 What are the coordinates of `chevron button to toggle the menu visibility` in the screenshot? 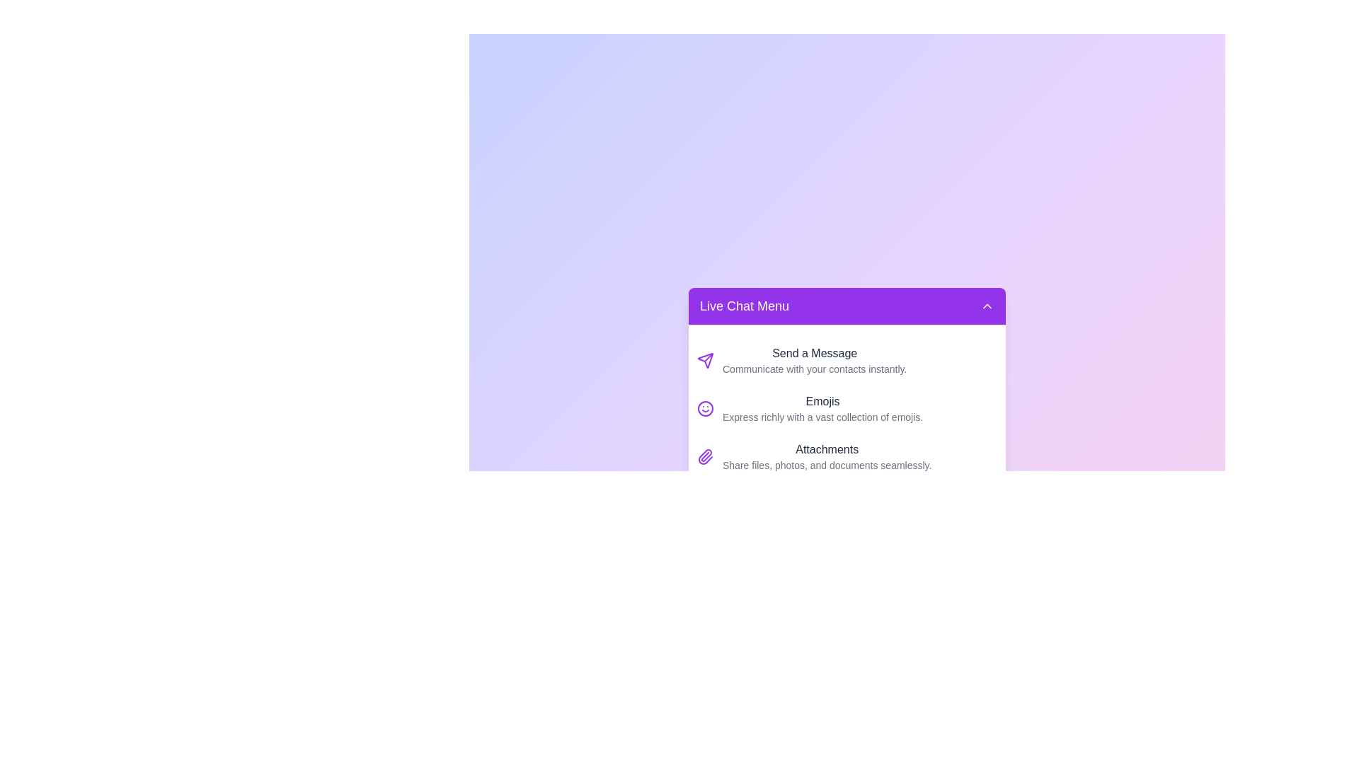 It's located at (987, 305).